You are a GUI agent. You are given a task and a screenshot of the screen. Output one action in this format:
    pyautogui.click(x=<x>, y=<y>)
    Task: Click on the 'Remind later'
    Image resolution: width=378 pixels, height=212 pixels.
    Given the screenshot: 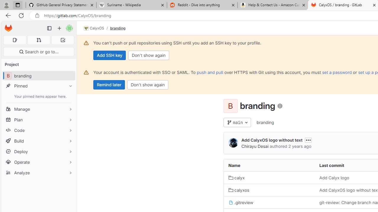 What is the action you would take?
    pyautogui.click(x=109, y=85)
    